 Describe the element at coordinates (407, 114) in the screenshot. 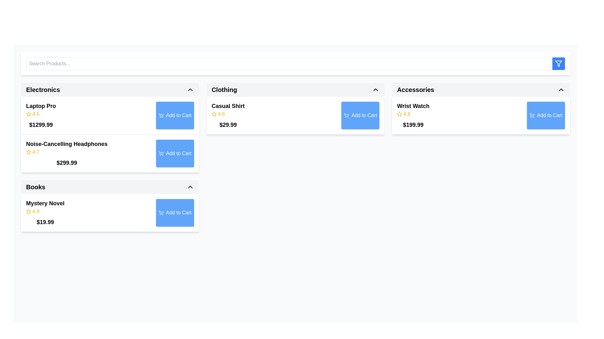

I see `the text element displaying '4.8' styled in yellow, located in the 'Wrist Watch' section under 'Accessories', adjacent to a star icon` at that location.